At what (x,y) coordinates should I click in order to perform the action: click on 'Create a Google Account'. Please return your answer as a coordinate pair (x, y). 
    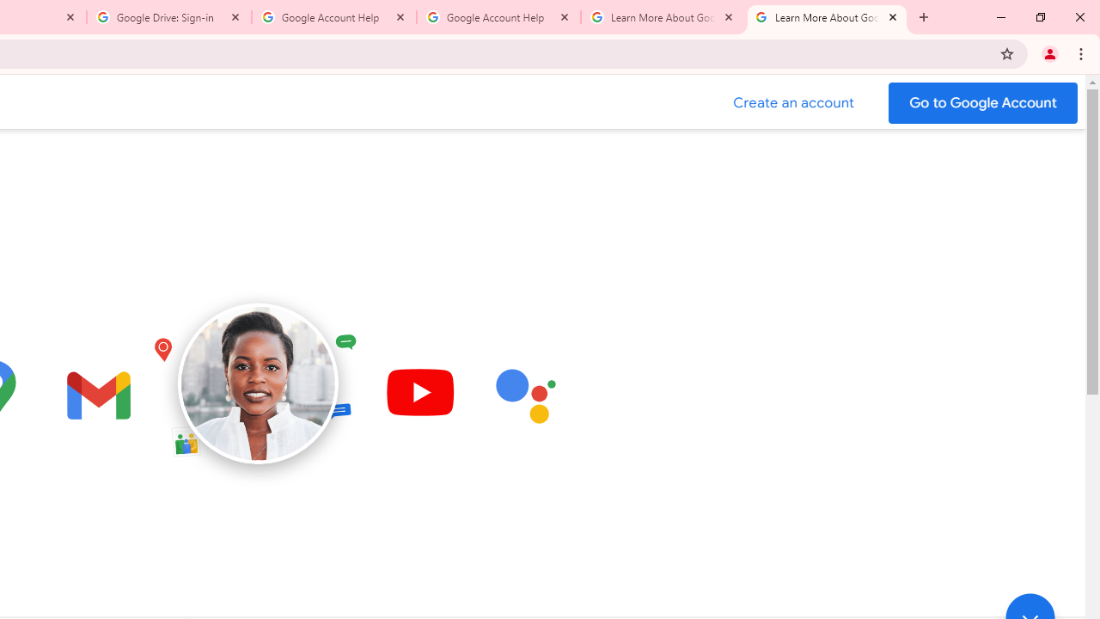
    Looking at the image, I should click on (793, 102).